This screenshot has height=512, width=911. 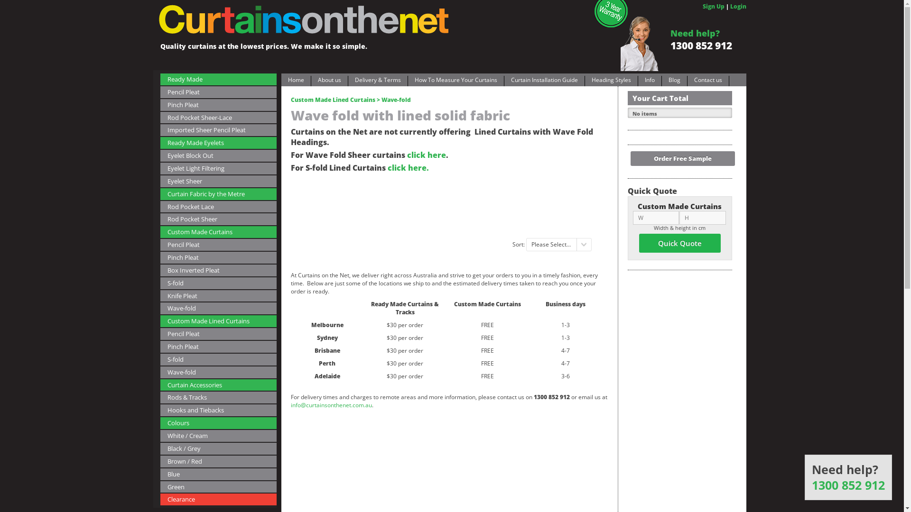 I want to click on 'How To Measure Your Curtains', so click(x=455, y=80).